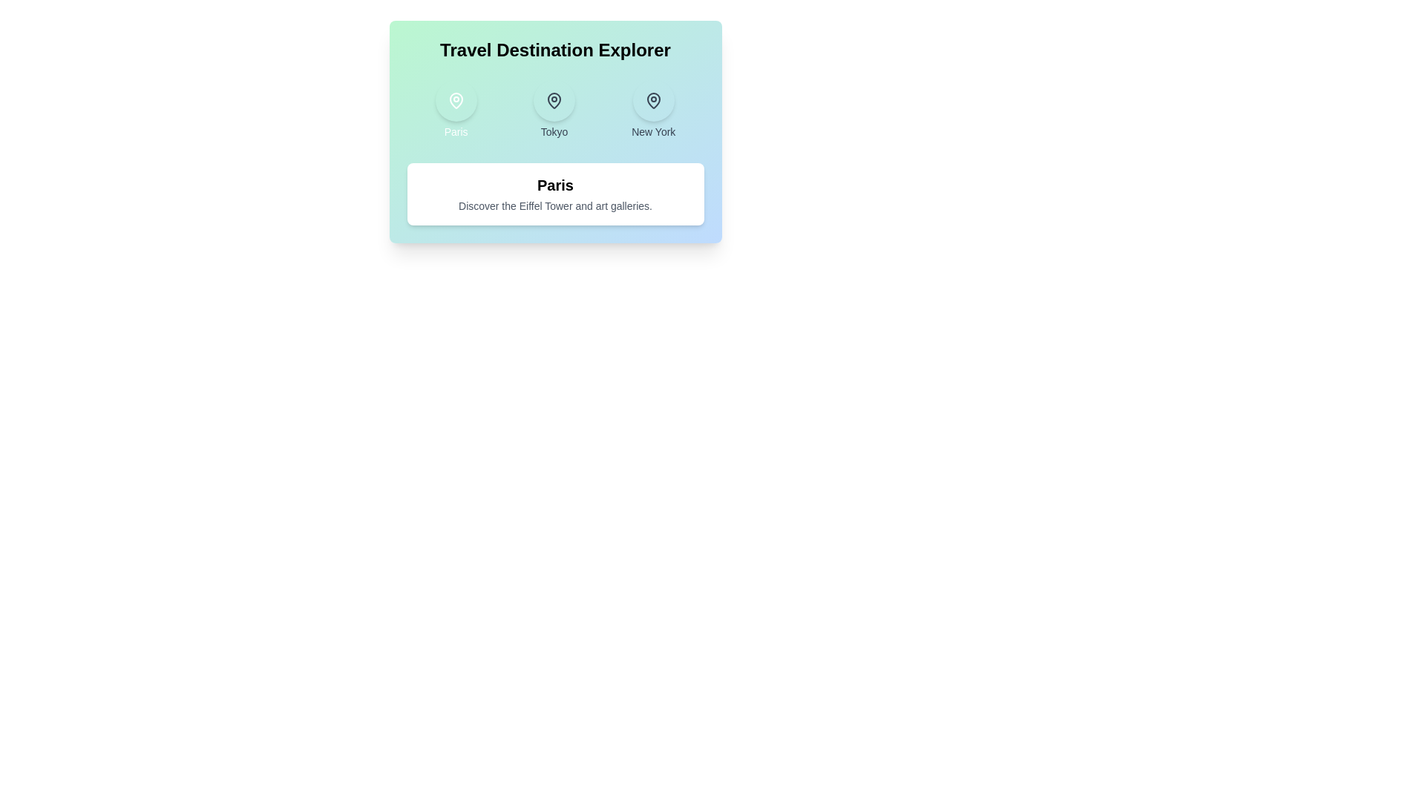  I want to click on the New York map pin icon, which is the third icon in a horizontal row of three circular buttons located under the 'Travel Destination Explorer' heading, to trigger a visual effect, so click(653, 100).